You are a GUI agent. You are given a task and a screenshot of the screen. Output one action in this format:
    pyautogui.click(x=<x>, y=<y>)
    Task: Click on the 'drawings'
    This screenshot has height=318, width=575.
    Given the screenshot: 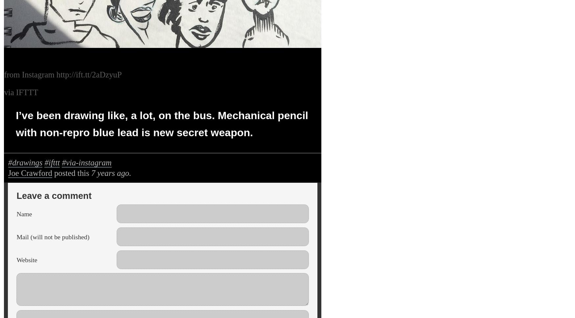 What is the action you would take?
    pyautogui.click(x=27, y=162)
    